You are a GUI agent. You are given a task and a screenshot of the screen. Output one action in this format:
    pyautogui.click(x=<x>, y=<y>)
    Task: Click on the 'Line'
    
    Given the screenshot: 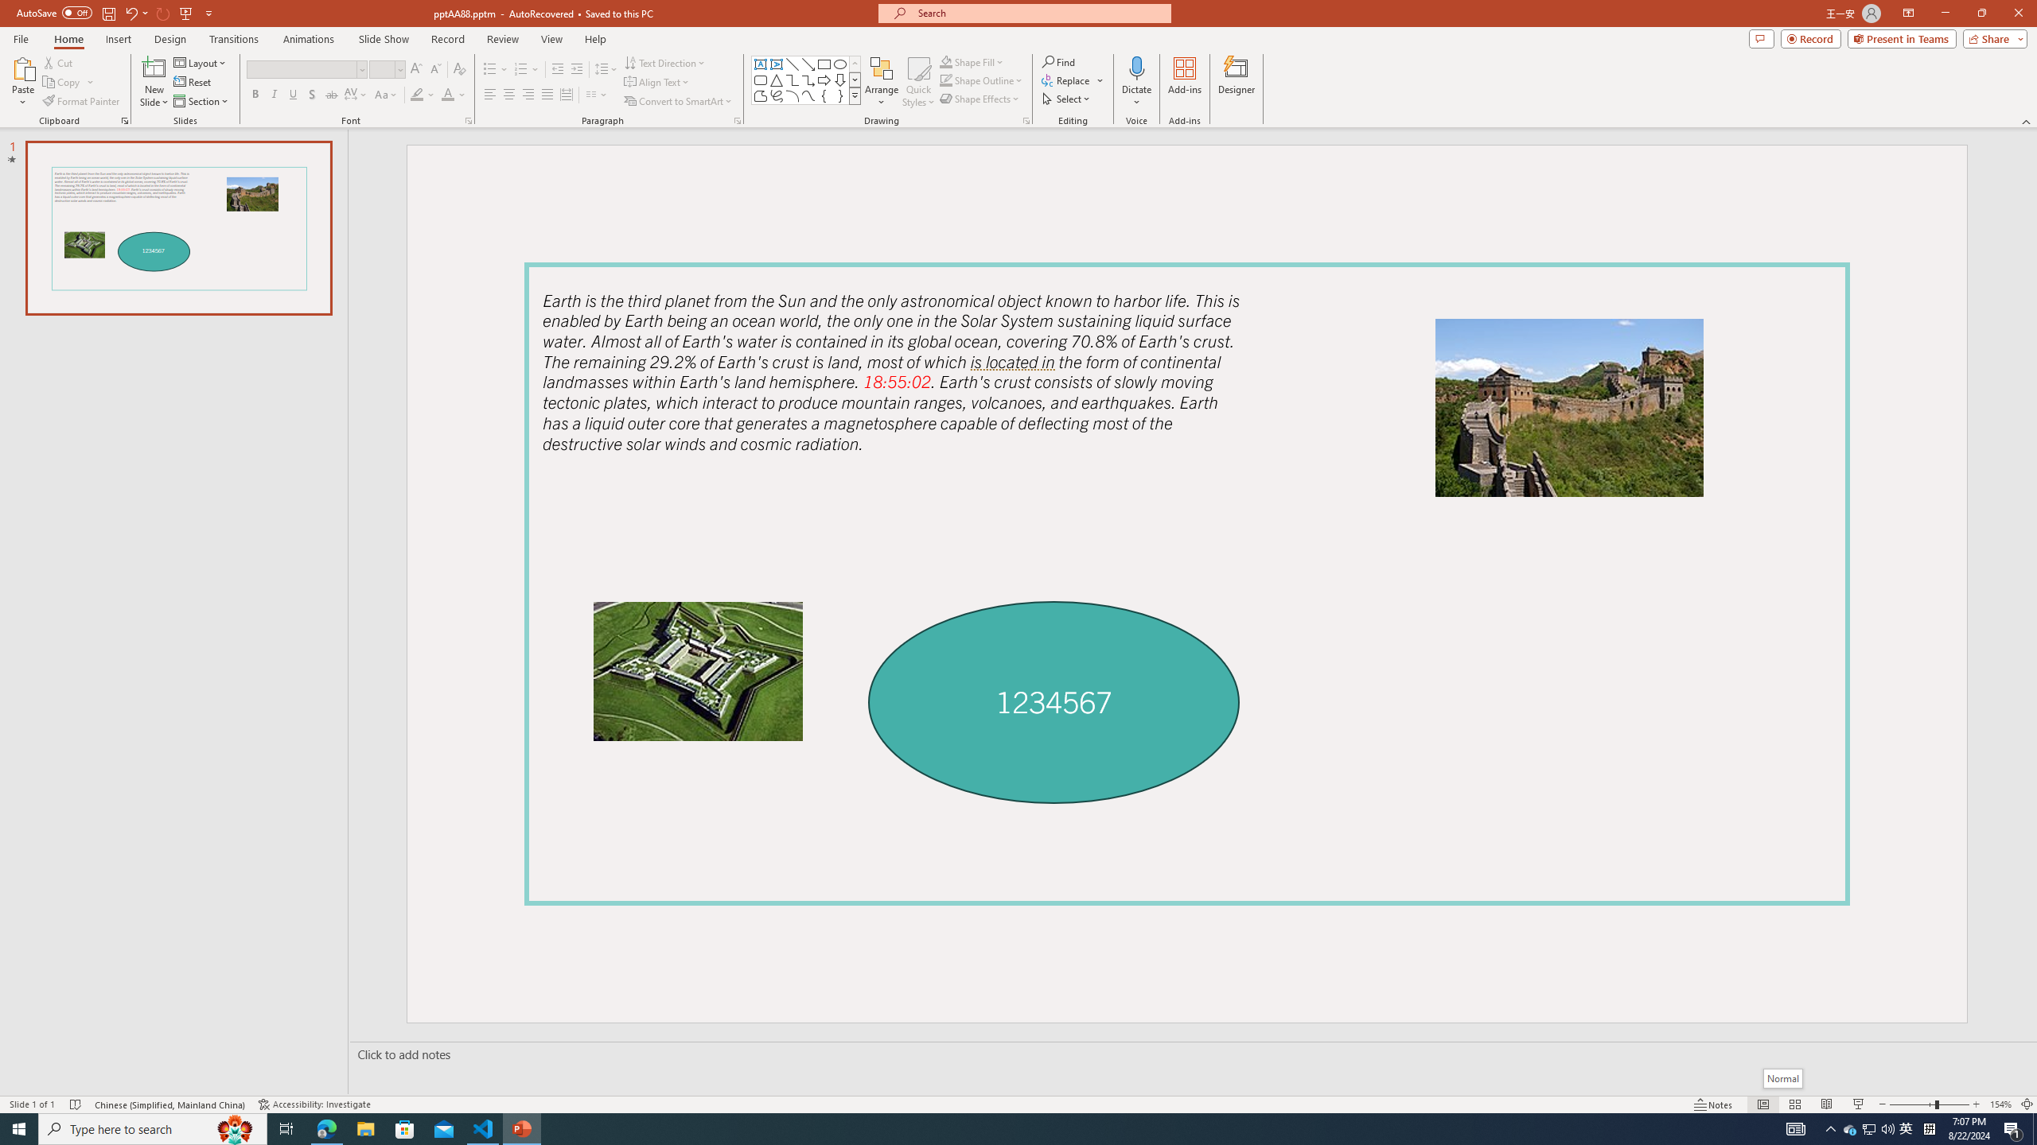 What is the action you would take?
    pyautogui.click(x=791, y=64)
    